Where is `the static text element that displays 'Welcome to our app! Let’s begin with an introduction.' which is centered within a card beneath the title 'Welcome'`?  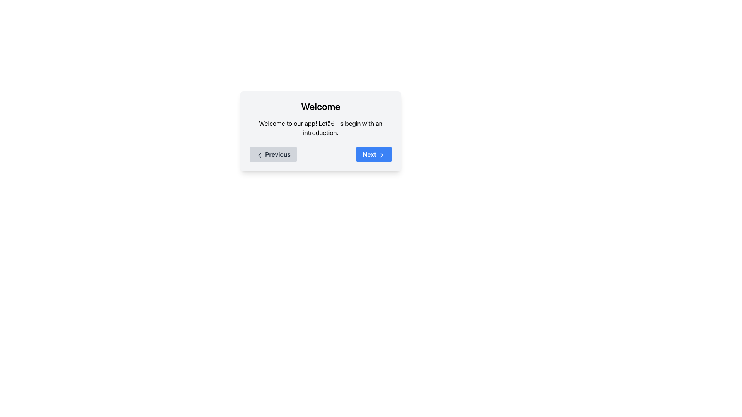
the static text element that displays 'Welcome to our app! Let’s begin with an introduction.' which is centered within a card beneath the title 'Welcome' is located at coordinates (321, 127).